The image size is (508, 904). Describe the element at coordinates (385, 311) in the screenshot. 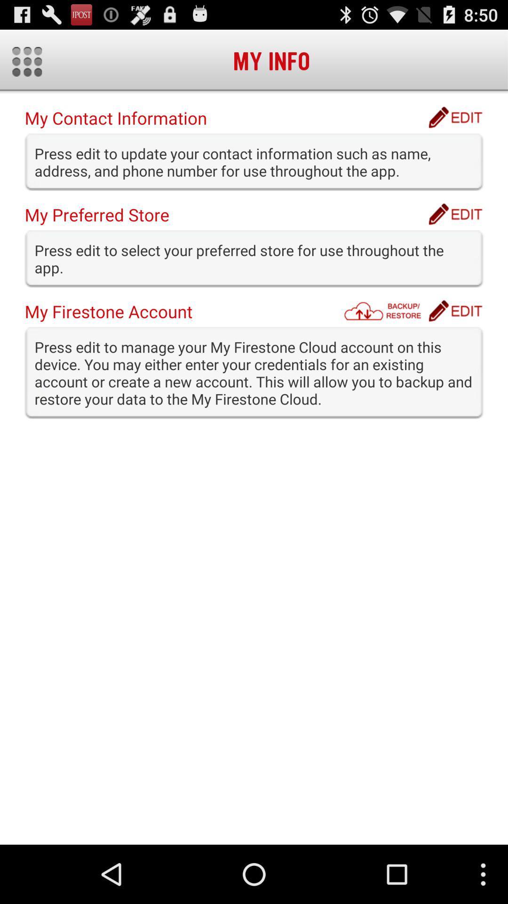

I see `app next to my firestone account icon` at that location.